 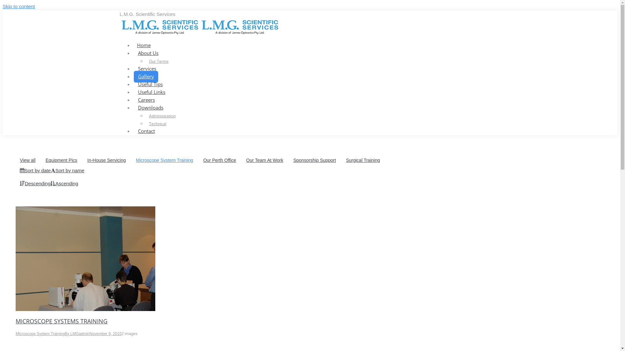 I want to click on 'Gallery', so click(x=133, y=76).